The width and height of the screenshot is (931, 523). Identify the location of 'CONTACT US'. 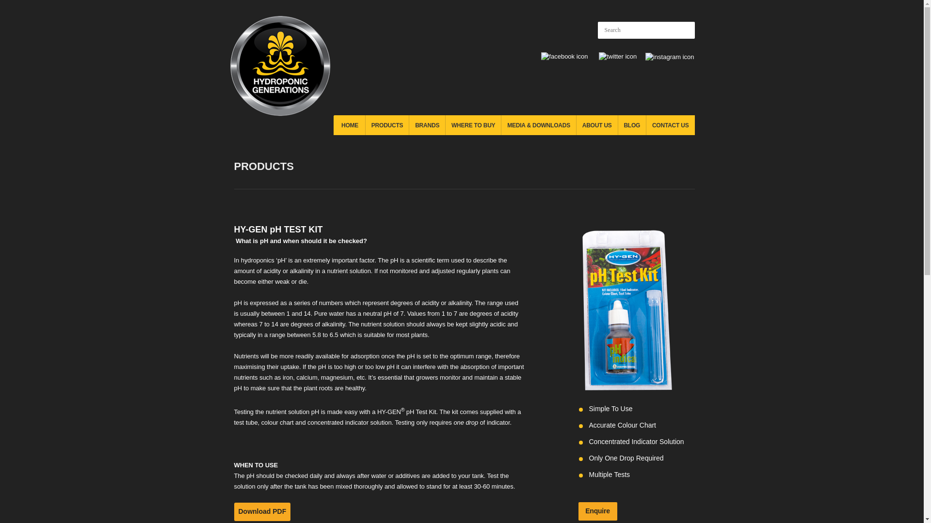
(670, 124).